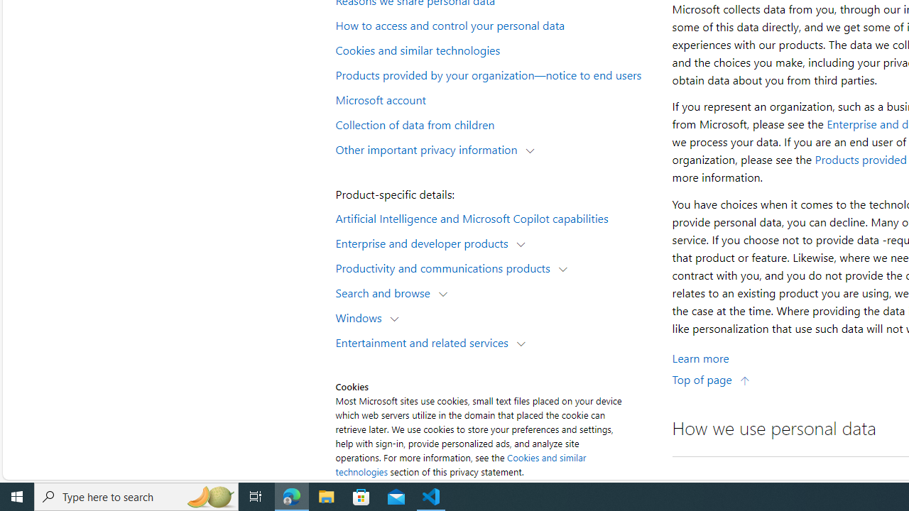  I want to click on 'Learn More about Personal data we collect', so click(700, 357).